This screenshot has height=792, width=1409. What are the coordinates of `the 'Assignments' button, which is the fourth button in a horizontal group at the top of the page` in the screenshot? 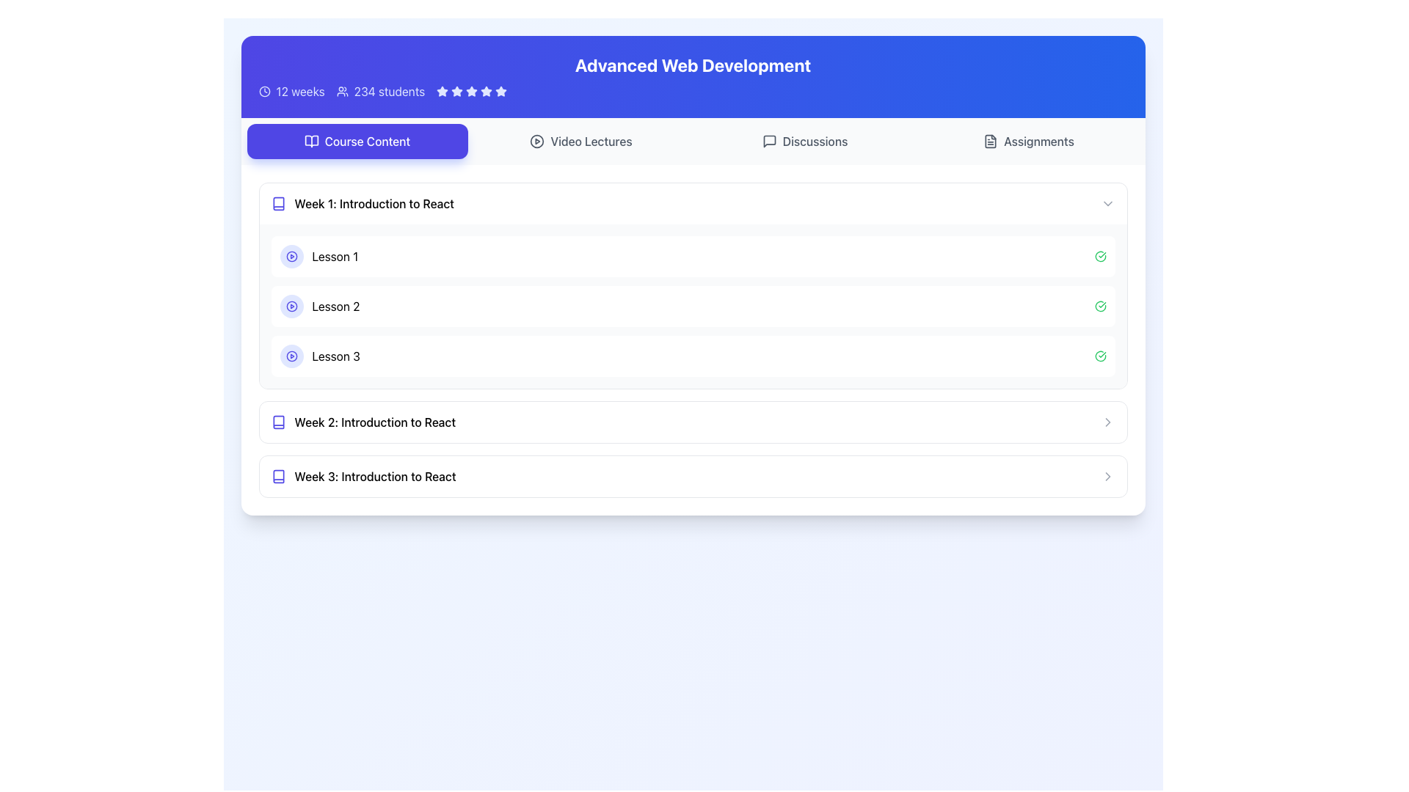 It's located at (1027, 141).